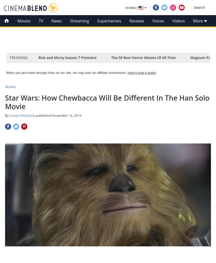 This screenshot has width=216, height=263. Describe the element at coordinates (178, 21) in the screenshot. I see `'Videos'` at that location.